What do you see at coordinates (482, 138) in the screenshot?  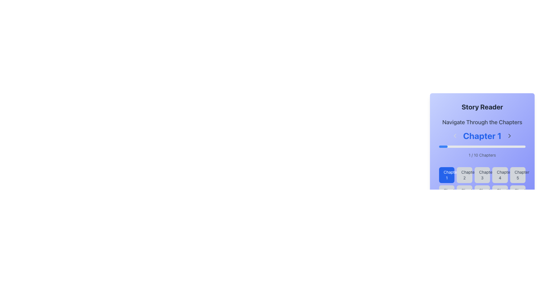 I see `the text header displaying 'Chapter 1' in a bold, large, vibrant blue font, which is centrally positioned below the subtitle 'Navigate Through the Chapters'` at bounding box center [482, 138].